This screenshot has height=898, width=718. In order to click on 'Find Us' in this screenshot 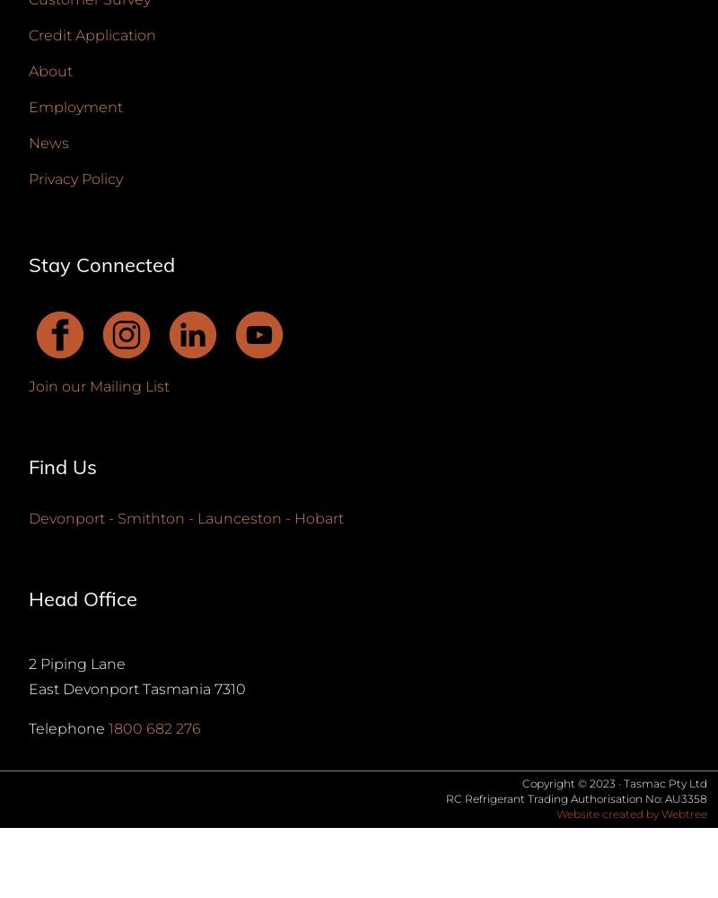, I will do `click(63, 467)`.